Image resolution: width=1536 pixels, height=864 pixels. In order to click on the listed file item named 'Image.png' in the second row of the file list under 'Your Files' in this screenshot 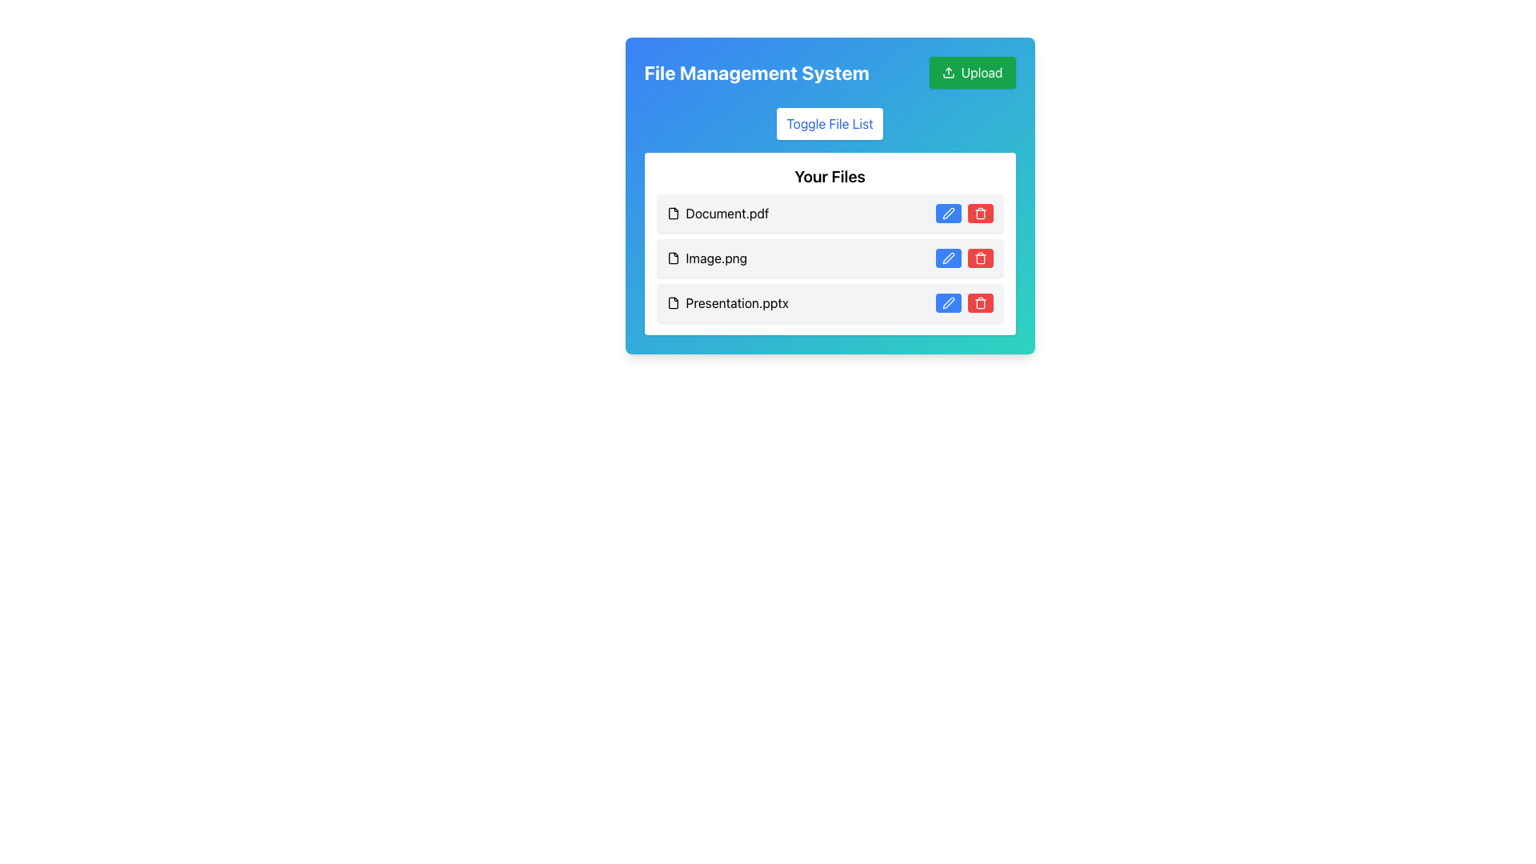, I will do `click(706, 258)`.